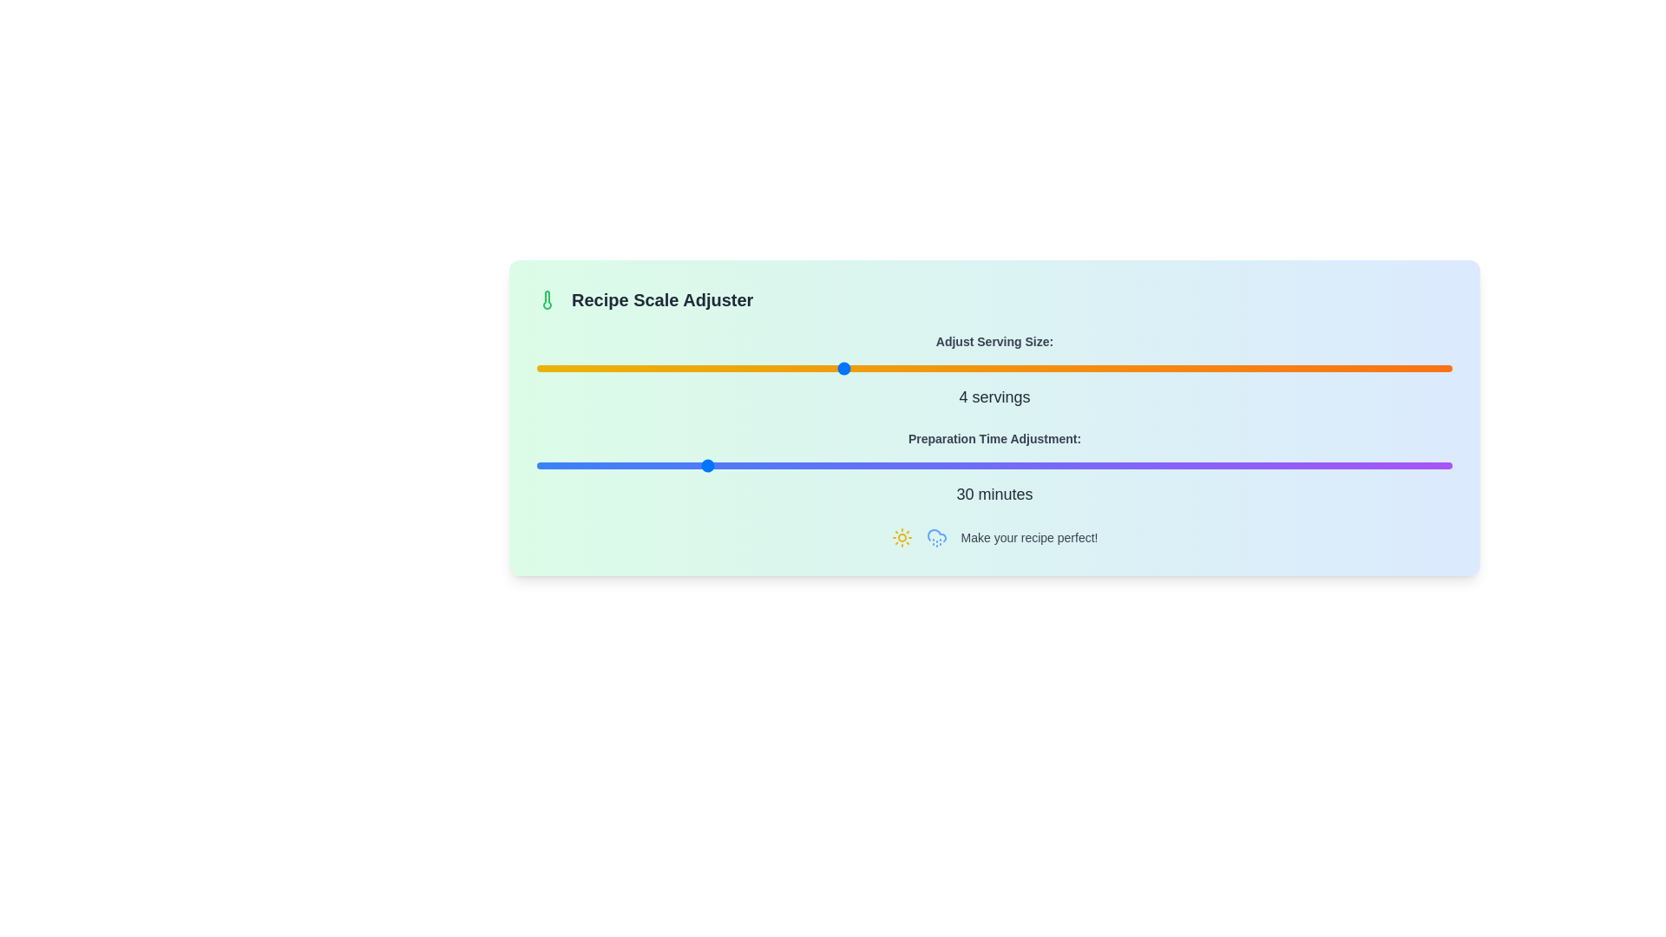  I want to click on the preparation time, so click(644, 464).